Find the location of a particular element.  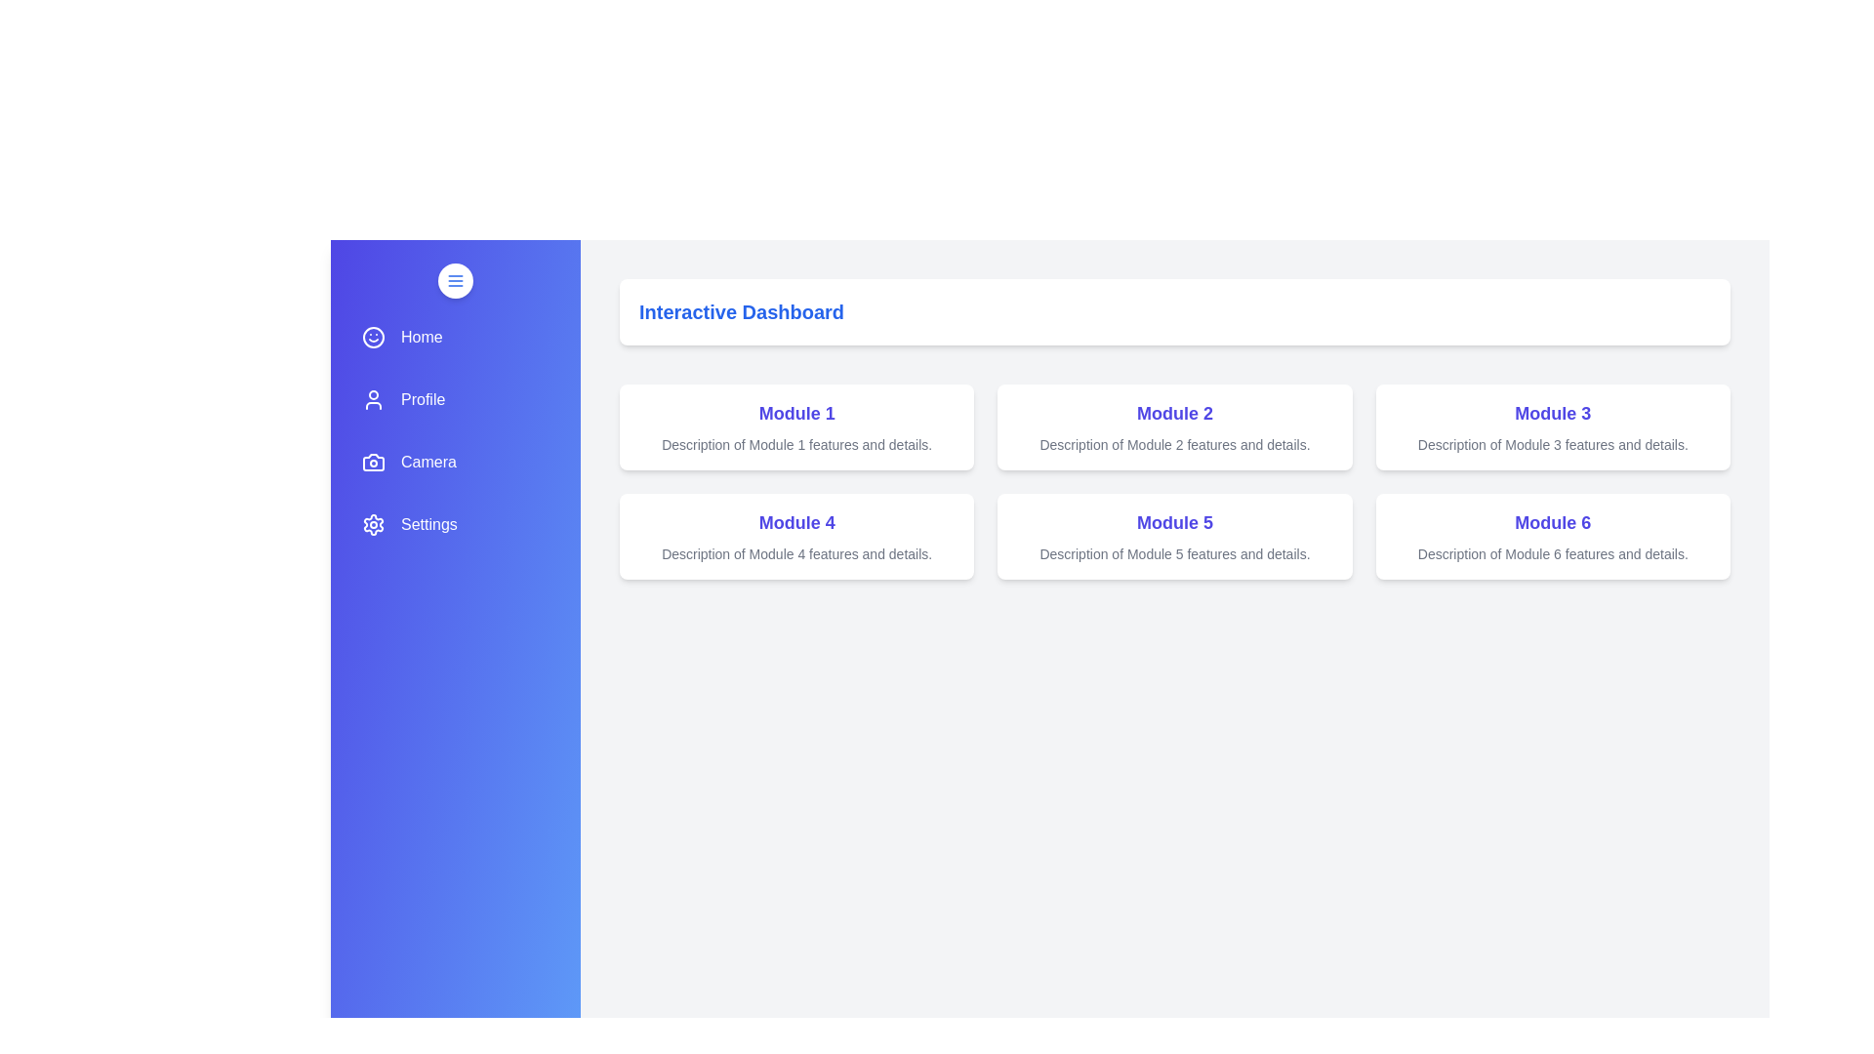

the 'Profile' text label located in the sidebar menu, which is the second row from the top is located at coordinates (422, 398).